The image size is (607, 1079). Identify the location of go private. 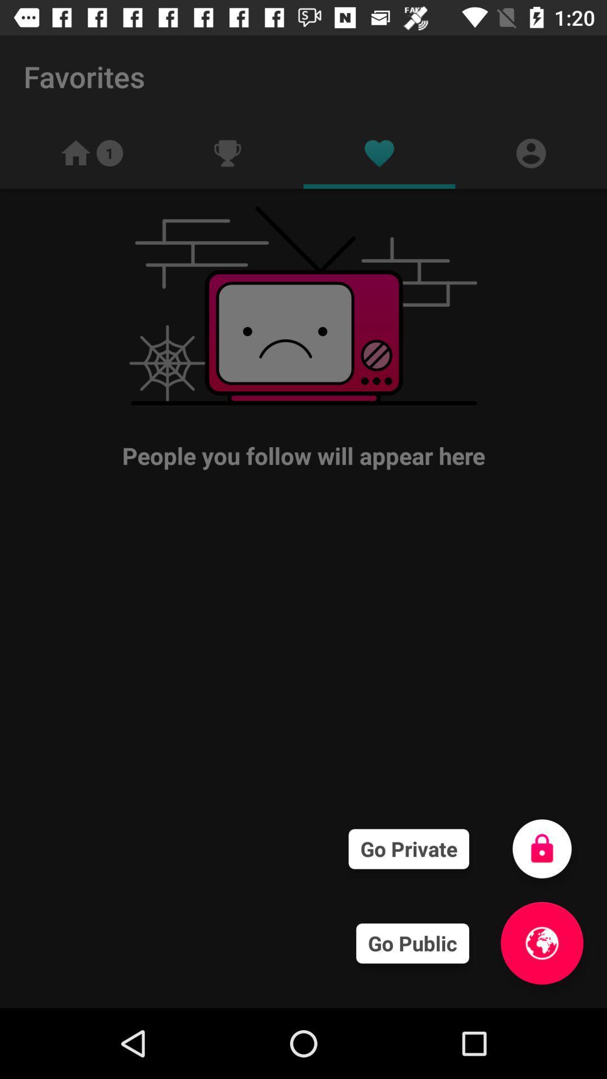
(541, 849).